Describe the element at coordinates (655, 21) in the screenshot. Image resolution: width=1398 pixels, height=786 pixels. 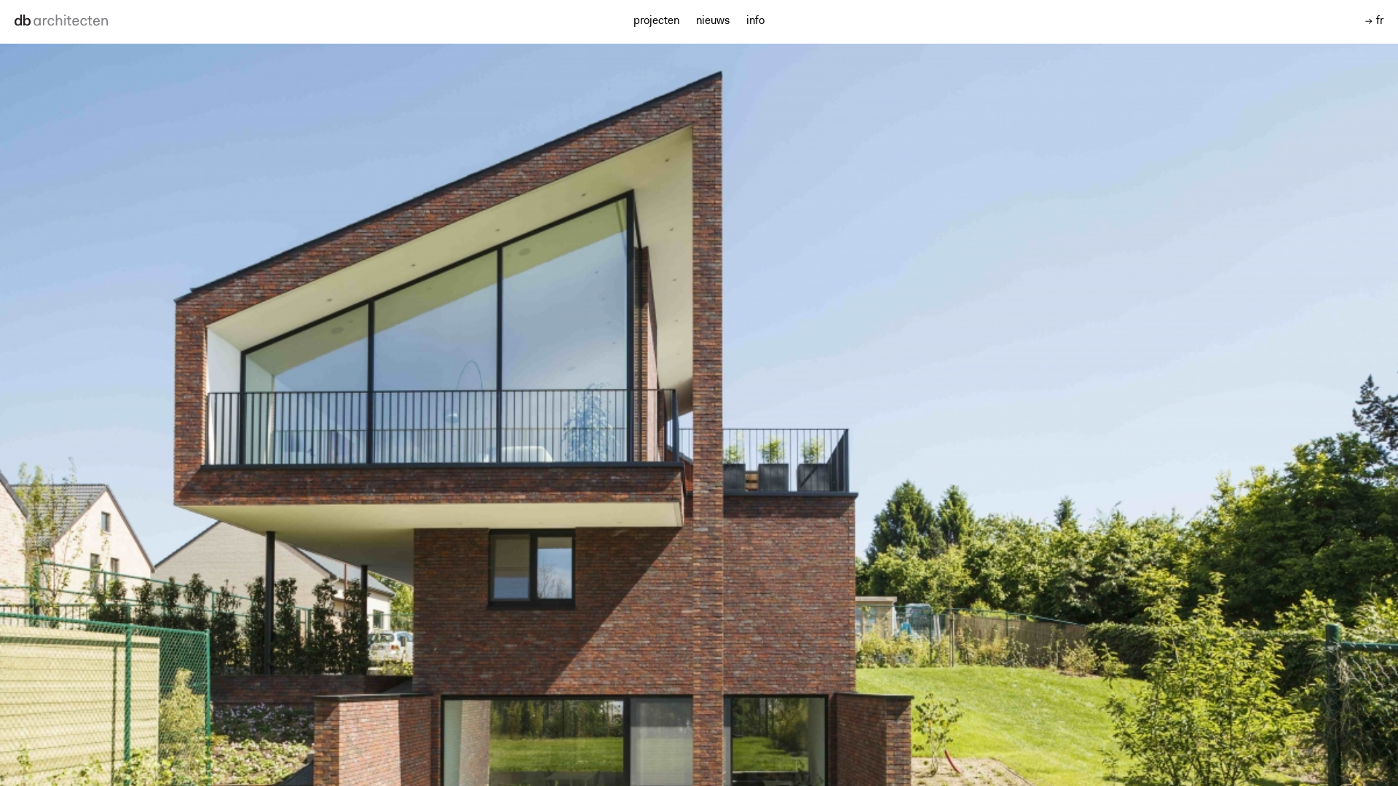
I see `'projecten'` at that location.